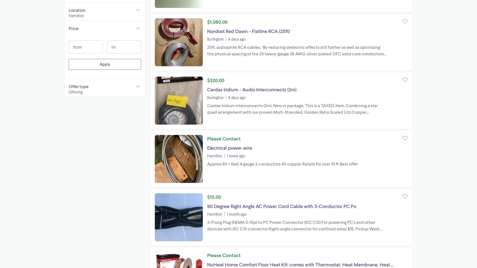 The width and height of the screenshot is (477, 268). What do you see at coordinates (73, 47) in the screenshot?
I see `'from'` at bounding box center [73, 47].